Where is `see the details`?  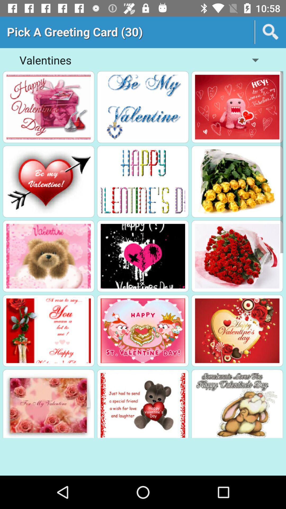
see the details is located at coordinates (48, 330).